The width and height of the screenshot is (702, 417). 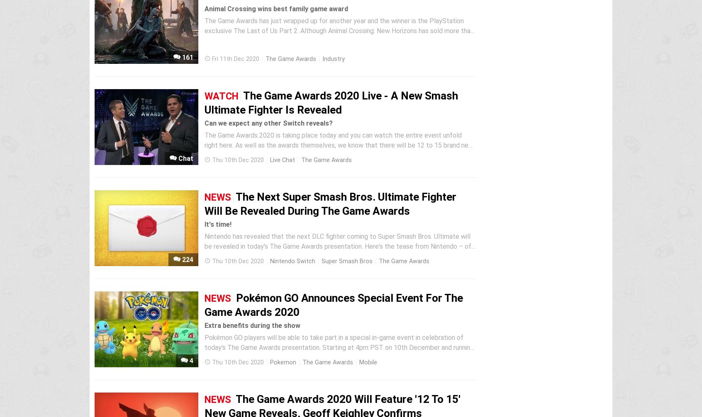 What do you see at coordinates (204, 203) in the screenshot?
I see `'The Next Super Smash Bros. Ultimate Fighter Will Be Revealed During The Game Awards'` at bounding box center [204, 203].